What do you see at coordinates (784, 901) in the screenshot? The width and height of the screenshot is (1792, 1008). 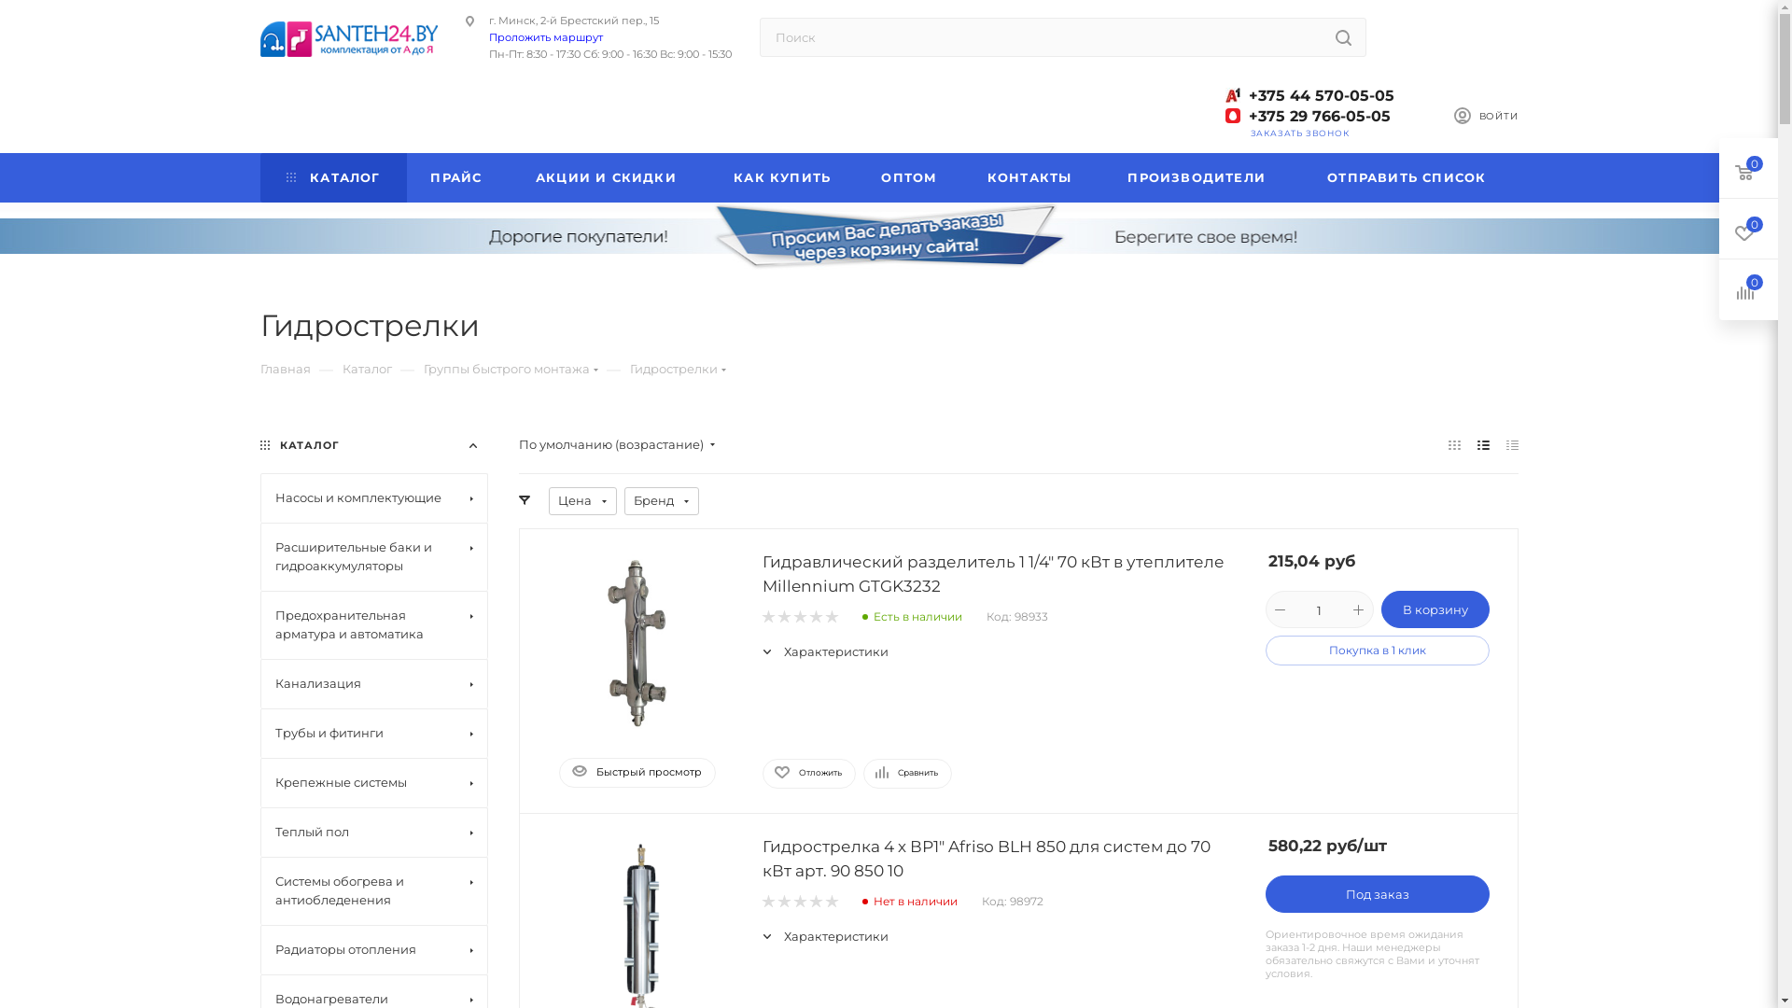 I see `'2'` at bounding box center [784, 901].